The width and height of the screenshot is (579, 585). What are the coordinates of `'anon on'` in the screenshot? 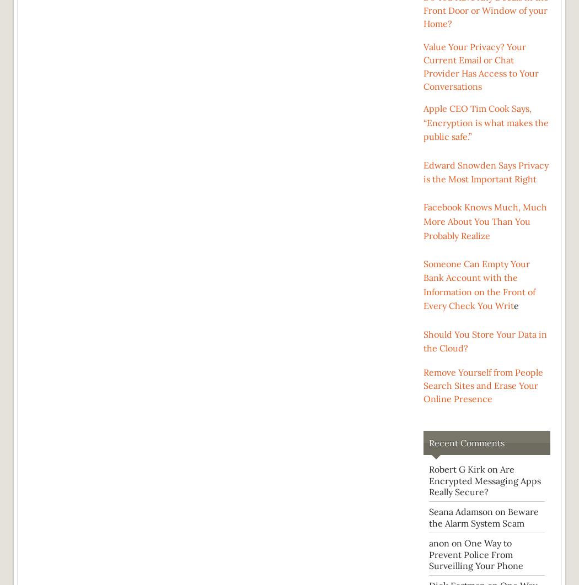 It's located at (429, 542).